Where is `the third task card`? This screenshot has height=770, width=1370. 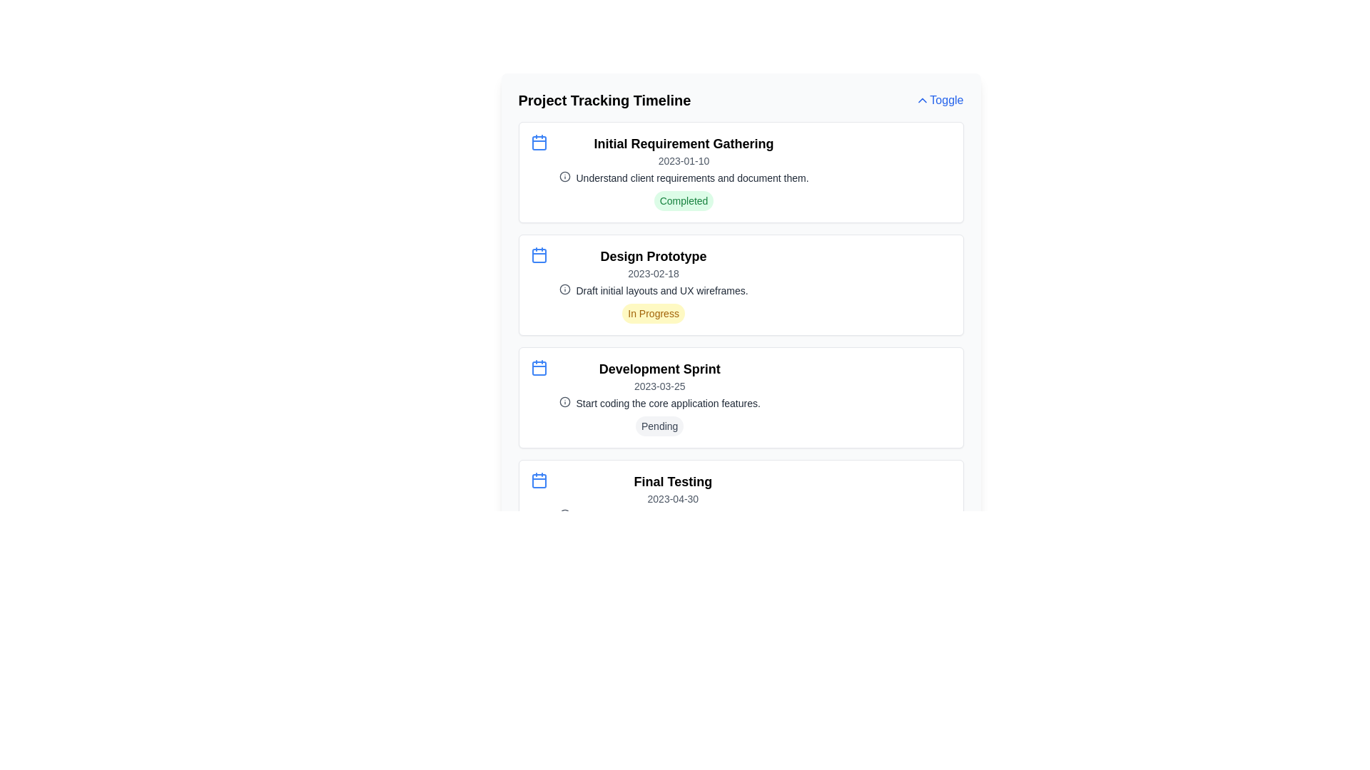 the third task card is located at coordinates (741, 398).